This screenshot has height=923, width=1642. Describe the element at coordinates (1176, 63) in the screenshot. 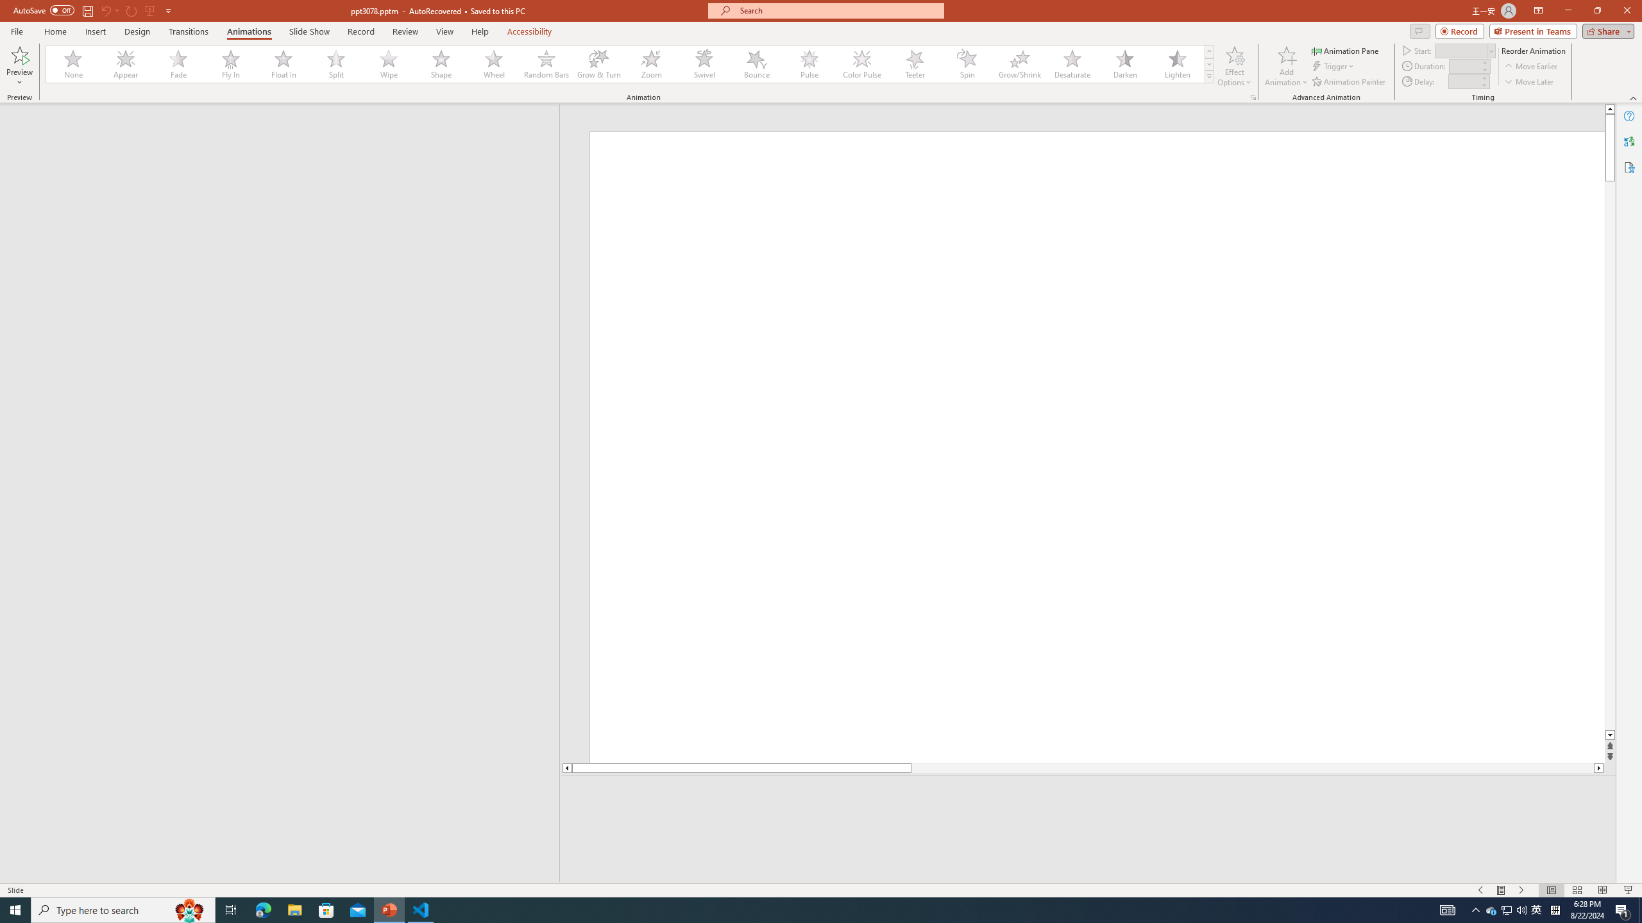

I see `'Lighten'` at that location.